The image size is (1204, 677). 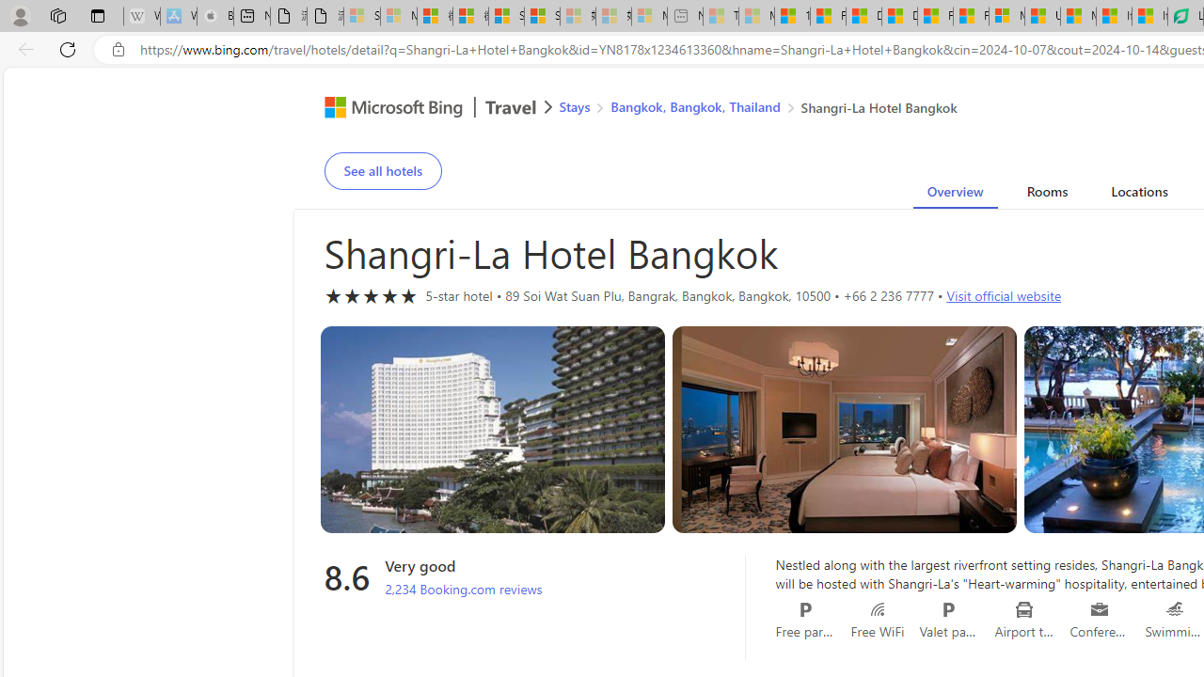 What do you see at coordinates (955, 195) in the screenshot?
I see `'Overview'` at bounding box center [955, 195].